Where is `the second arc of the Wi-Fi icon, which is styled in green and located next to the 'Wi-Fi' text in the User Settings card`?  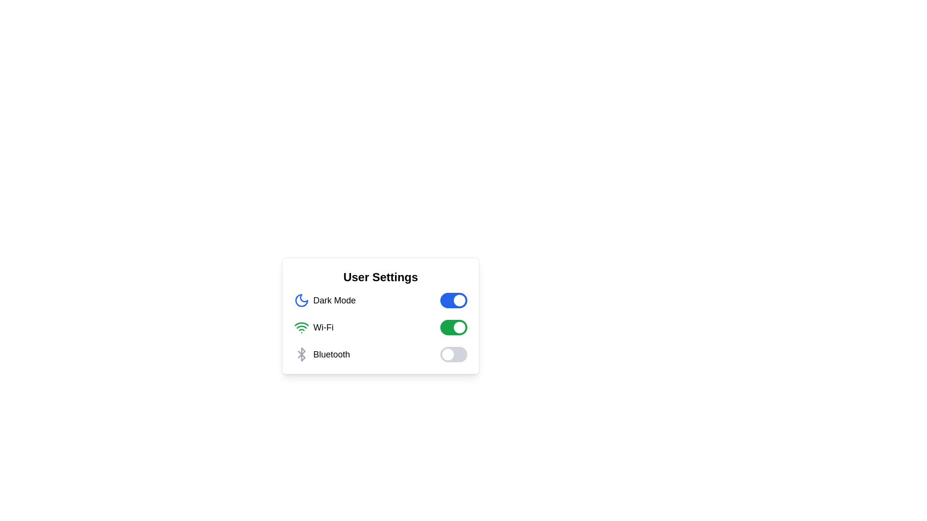
the second arc of the Wi-Fi icon, which is styled in green and located next to the 'Wi-Fi' text in the User Settings card is located at coordinates (301, 324).